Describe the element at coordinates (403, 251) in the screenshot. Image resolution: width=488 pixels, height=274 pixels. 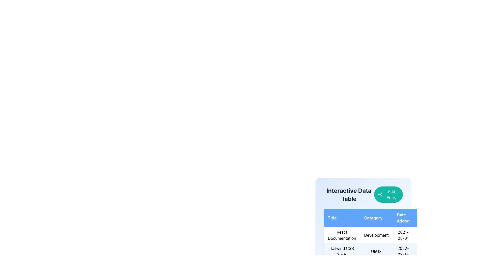
I see `the Text display that shows the date value in the rightmost column of the 'Tailwind CSS Guide' row in the table` at that location.